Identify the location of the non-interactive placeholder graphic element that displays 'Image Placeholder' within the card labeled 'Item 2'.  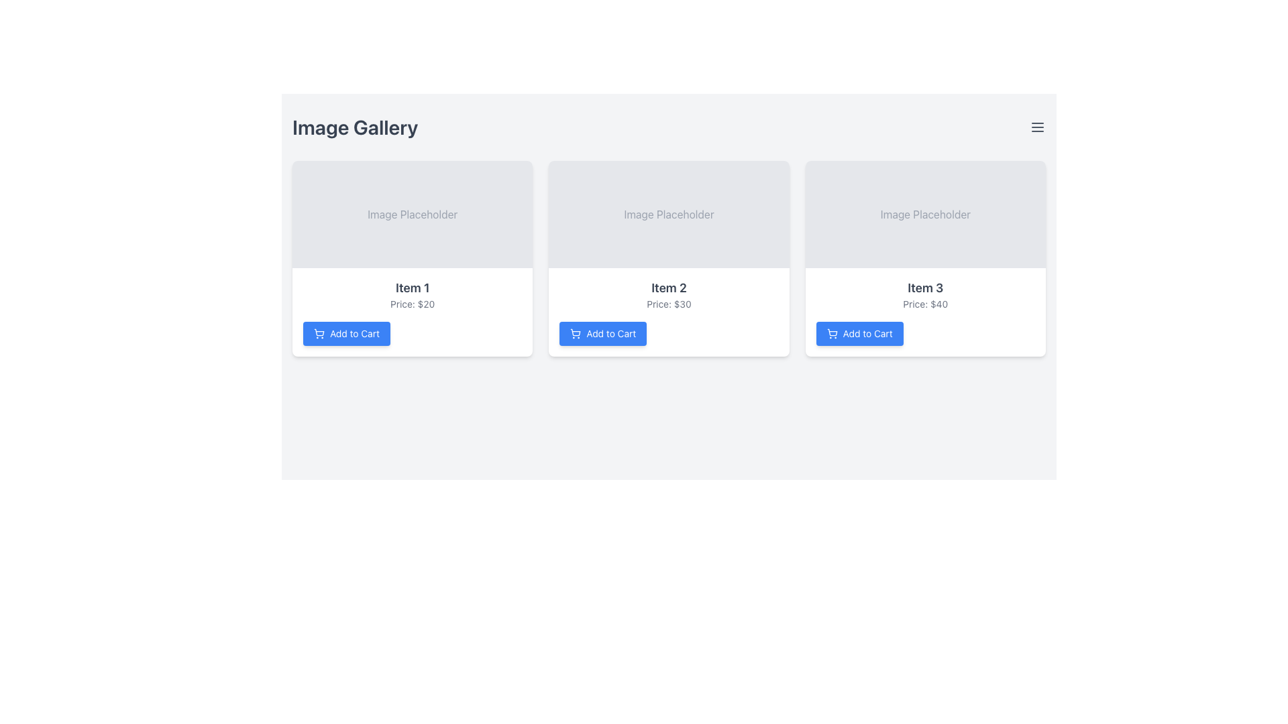
(669, 214).